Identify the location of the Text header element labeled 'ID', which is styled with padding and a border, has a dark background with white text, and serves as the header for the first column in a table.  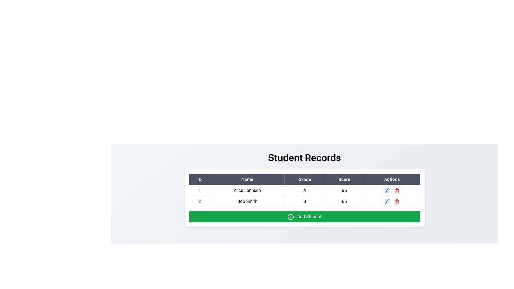
(199, 179).